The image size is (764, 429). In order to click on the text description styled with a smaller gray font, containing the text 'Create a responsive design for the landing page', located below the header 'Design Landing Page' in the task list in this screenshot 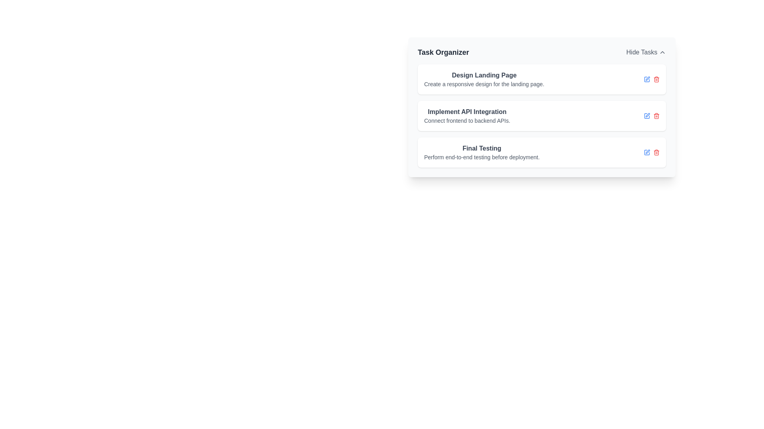, I will do `click(483, 84)`.